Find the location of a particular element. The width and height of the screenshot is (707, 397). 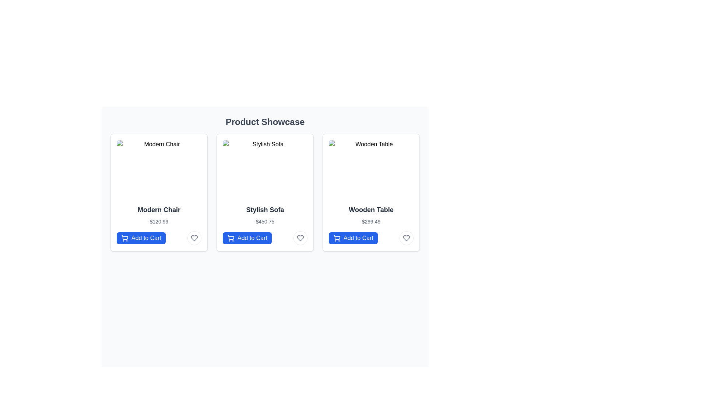

the primary action button is located at coordinates (247, 238).